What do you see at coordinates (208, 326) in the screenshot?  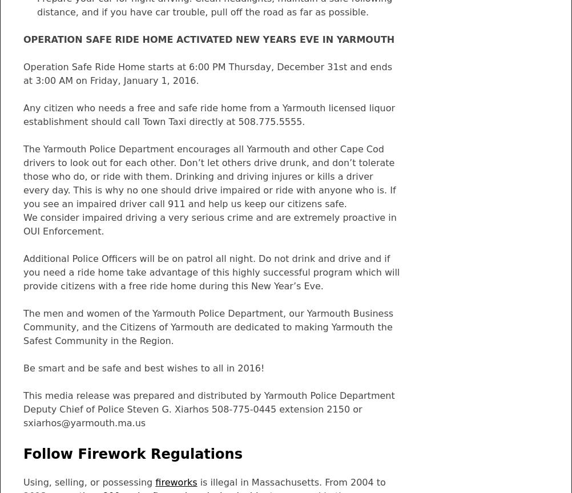 I see `'The men and women of the Yarmouth Police Department, our Yarmouth Business Community, and the Citizens of Yarmouth are dedicated to making Yarmouth the Safest Community in the Region.'` at bounding box center [208, 326].